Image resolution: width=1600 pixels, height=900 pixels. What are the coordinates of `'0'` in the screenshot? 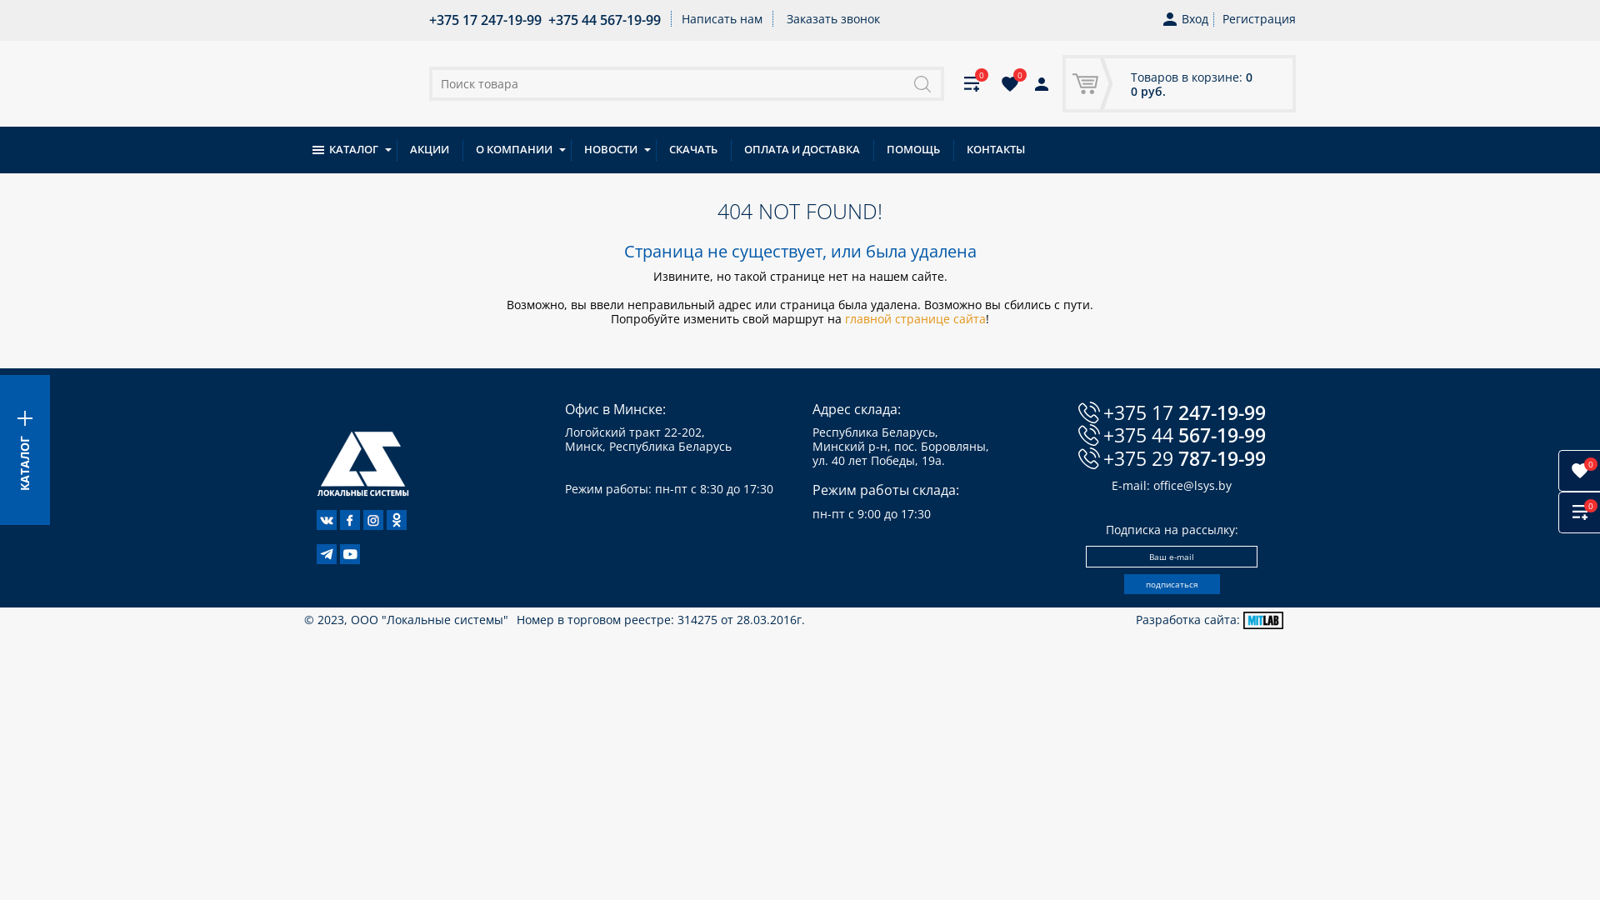 It's located at (1008, 83).